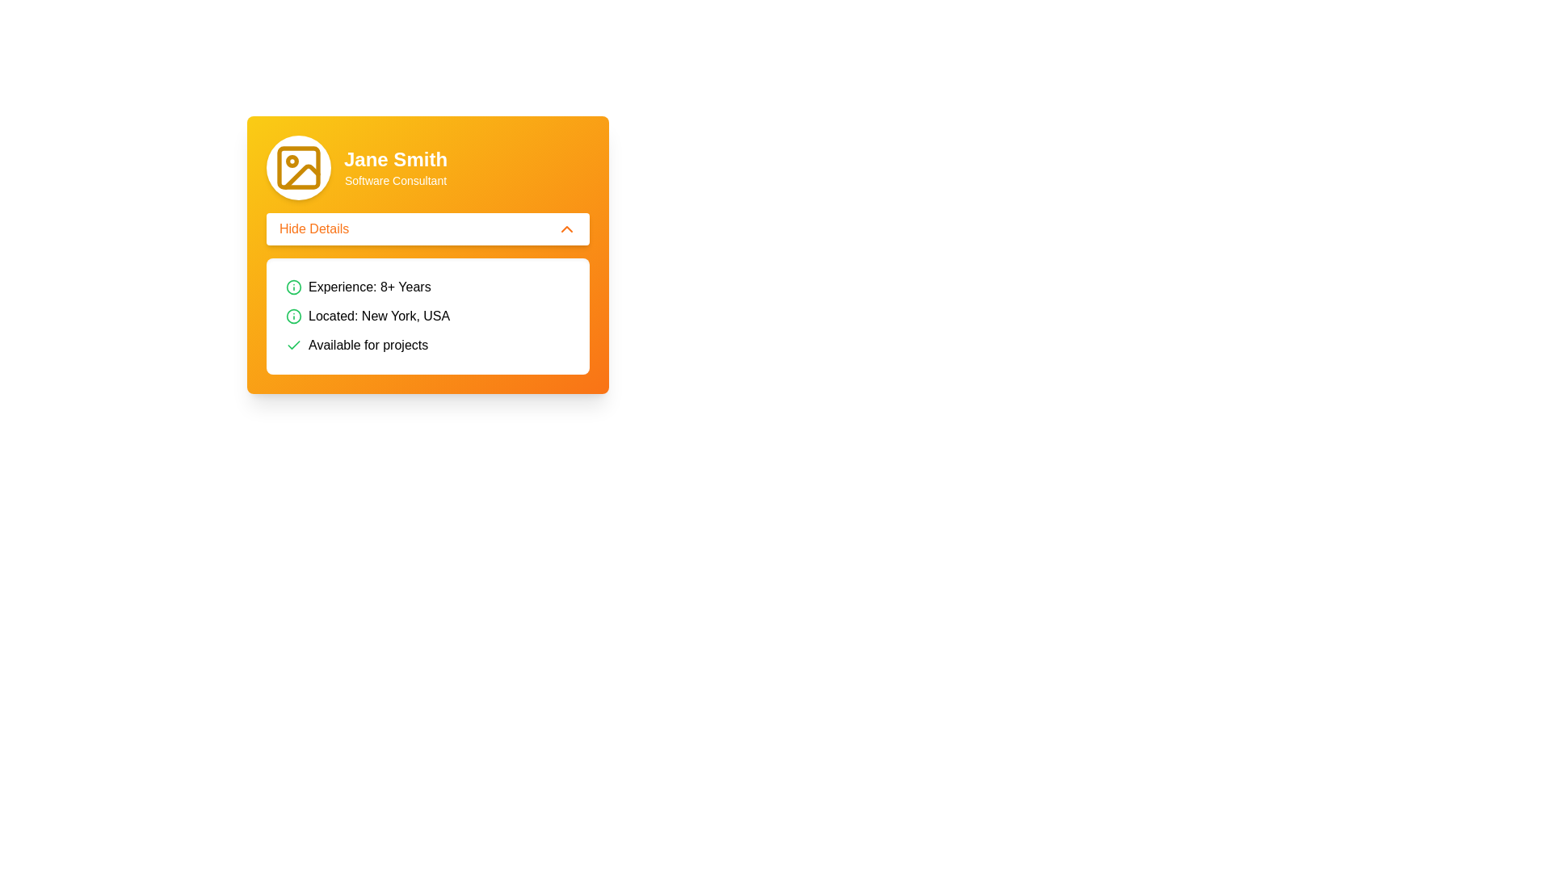 This screenshot has width=1551, height=872. Describe the element at coordinates (298, 168) in the screenshot. I see `the circular white Profile Picture Placeholder with a yellow image outline icon located at the top-left corner of the user detail card next to 'Jane Smith' and 'Software Consultant'` at that location.